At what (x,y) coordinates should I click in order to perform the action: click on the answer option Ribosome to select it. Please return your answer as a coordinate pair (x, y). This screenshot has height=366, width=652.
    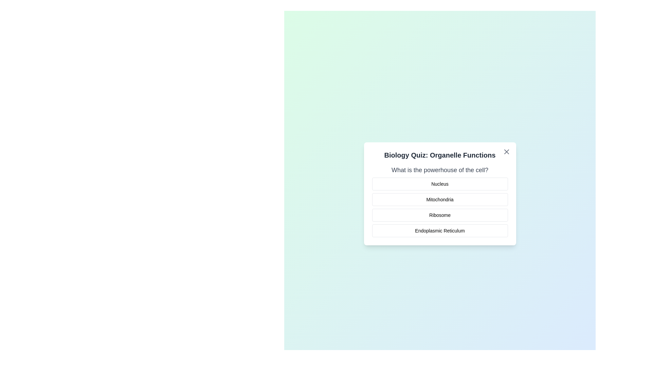
    Looking at the image, I should click on (440, 215).